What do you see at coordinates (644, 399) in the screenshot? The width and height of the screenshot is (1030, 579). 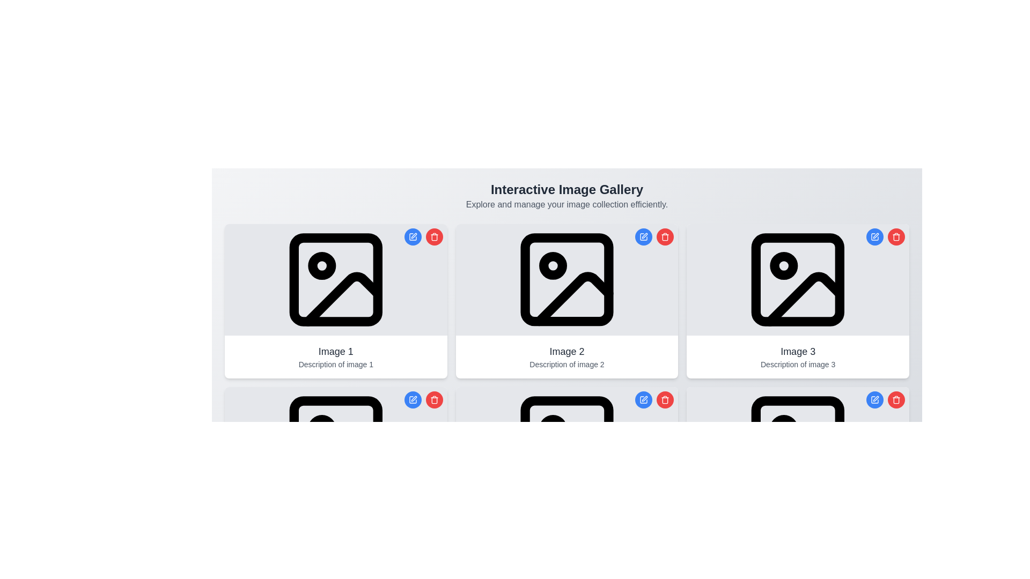 I see `the blue edit icon located in the top-right corner of the 'Image 2' card` at bounding box center [644, 399].